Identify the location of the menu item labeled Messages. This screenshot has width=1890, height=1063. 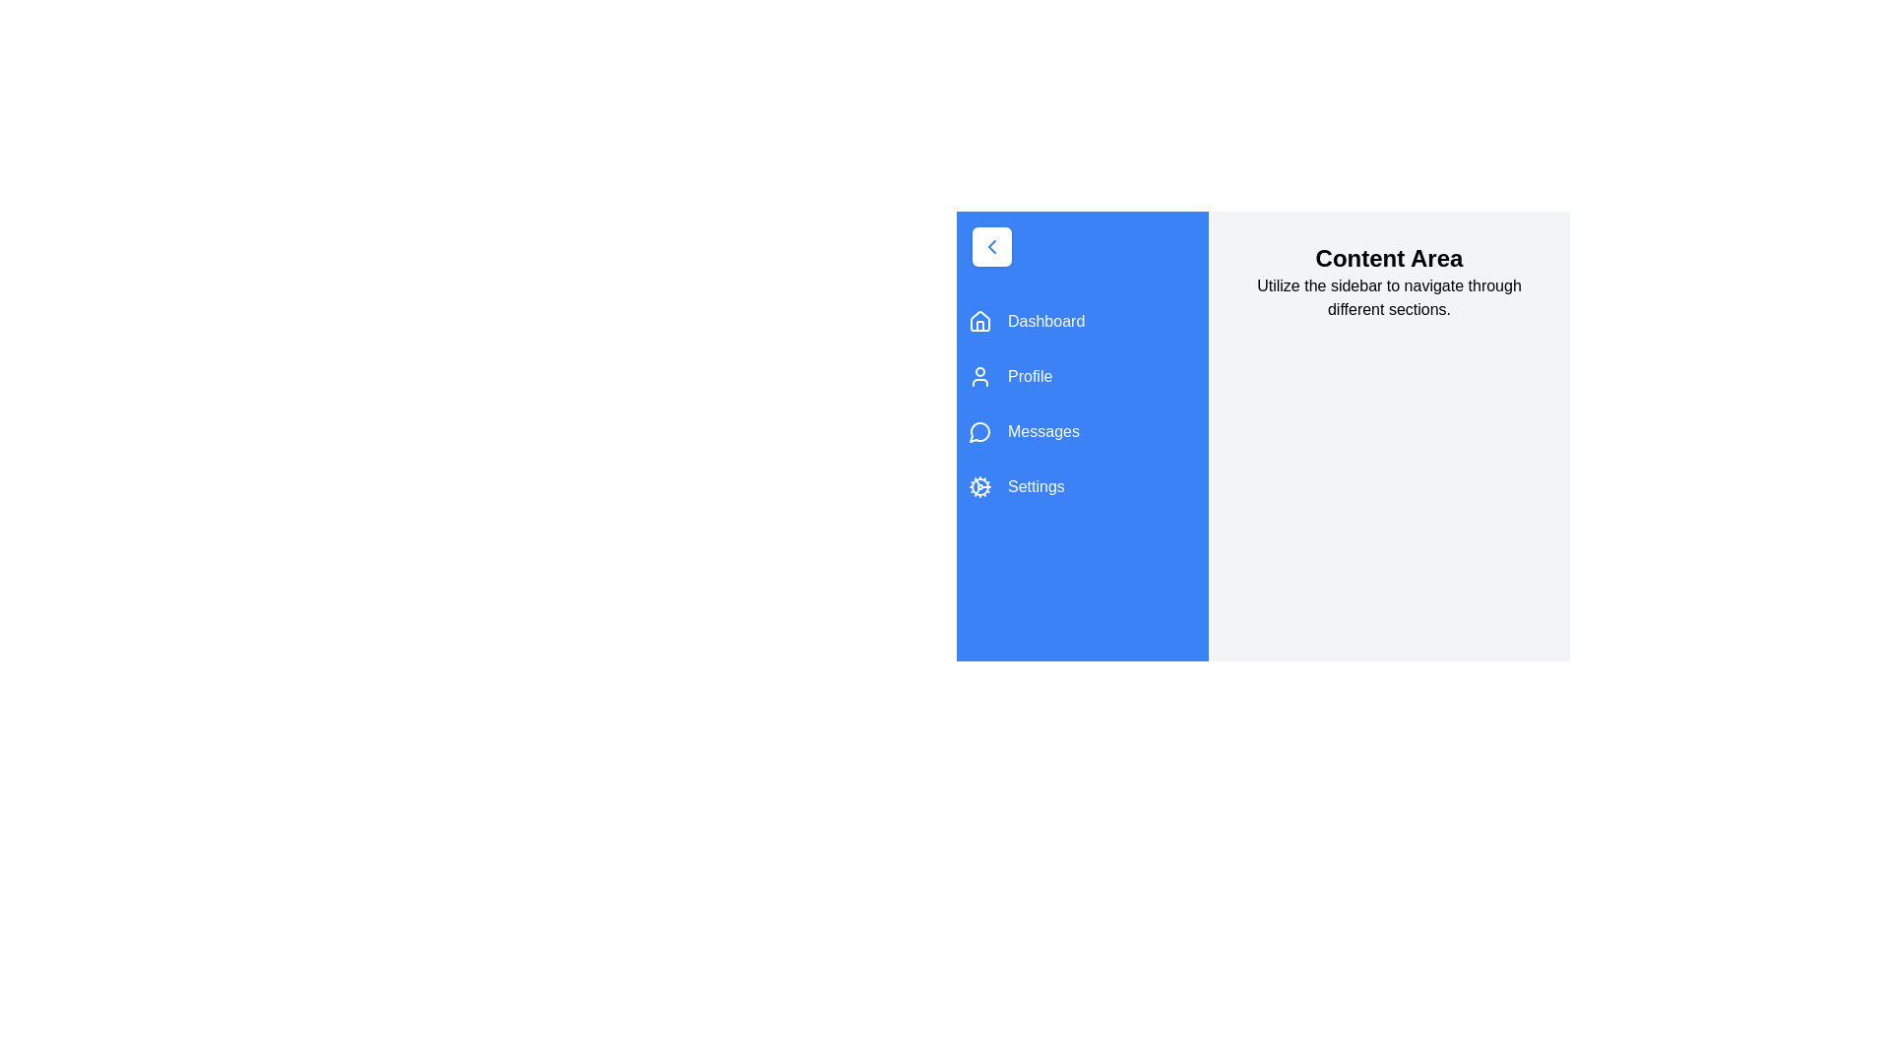
(1081, 431).